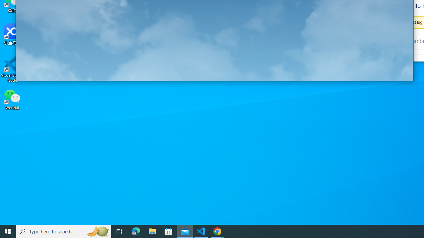  Describe the element at coordinates (136, 231) in the screenshot. I see `'Microsoft Edge'` at that location.